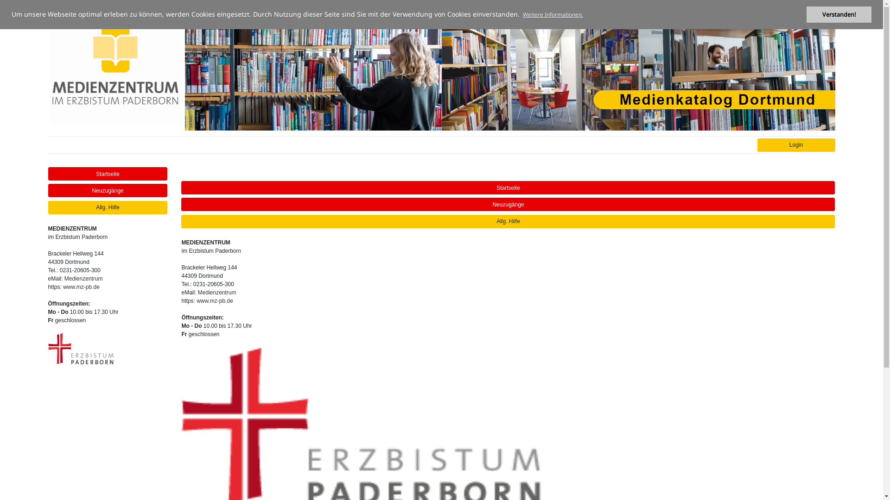 The height and width of the screenshot is (500, 890). Describe the element at coordinates (757, 145) in the screenshot. I see `'Login'` at that location.